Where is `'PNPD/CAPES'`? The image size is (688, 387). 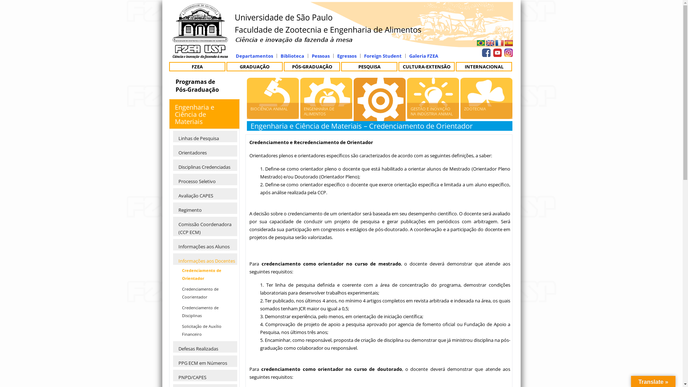
'PNPD/CAPES' is located at coordinates (205, 375).